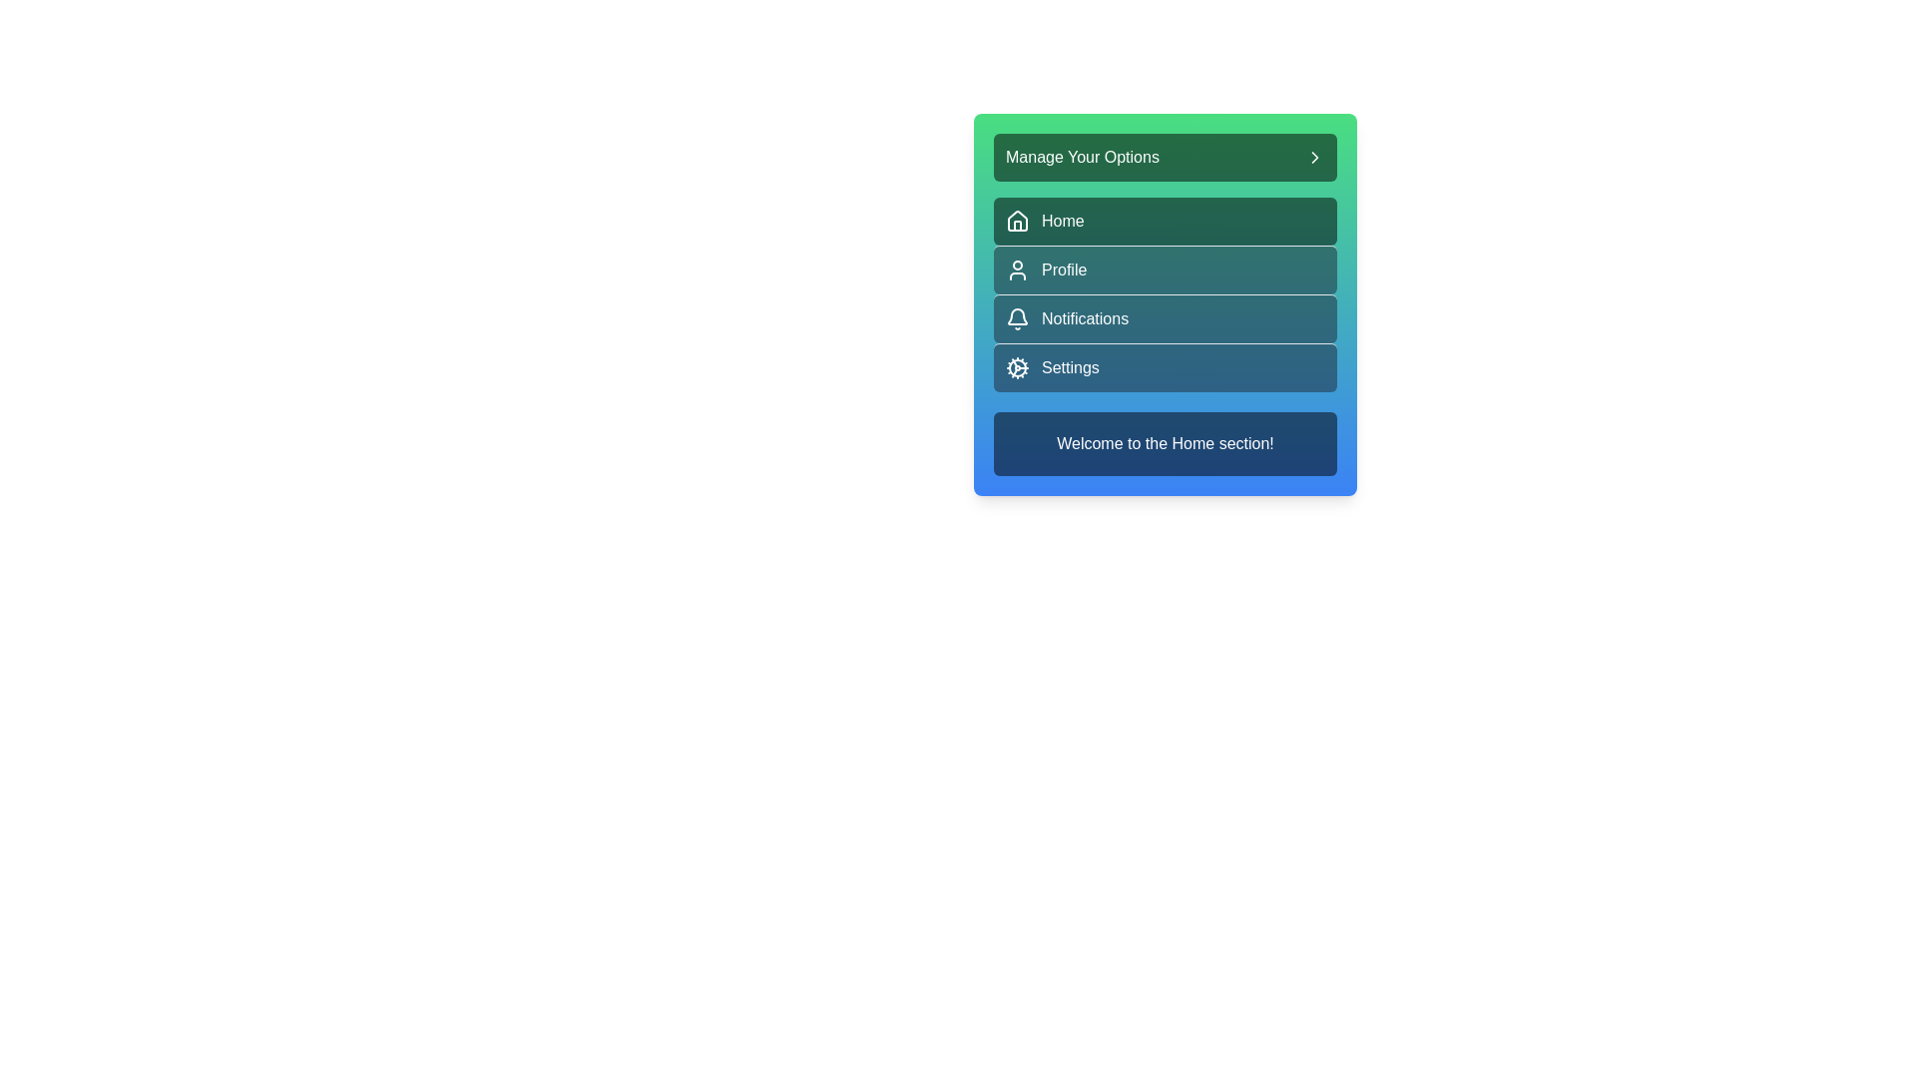 The image size is (1916, 1078). I want to click on the 'Notifications' menu item, which is a rectangular button with a bell icon and slightly rounded corners, located in a vertical list of menu items, so click(1165, 304).